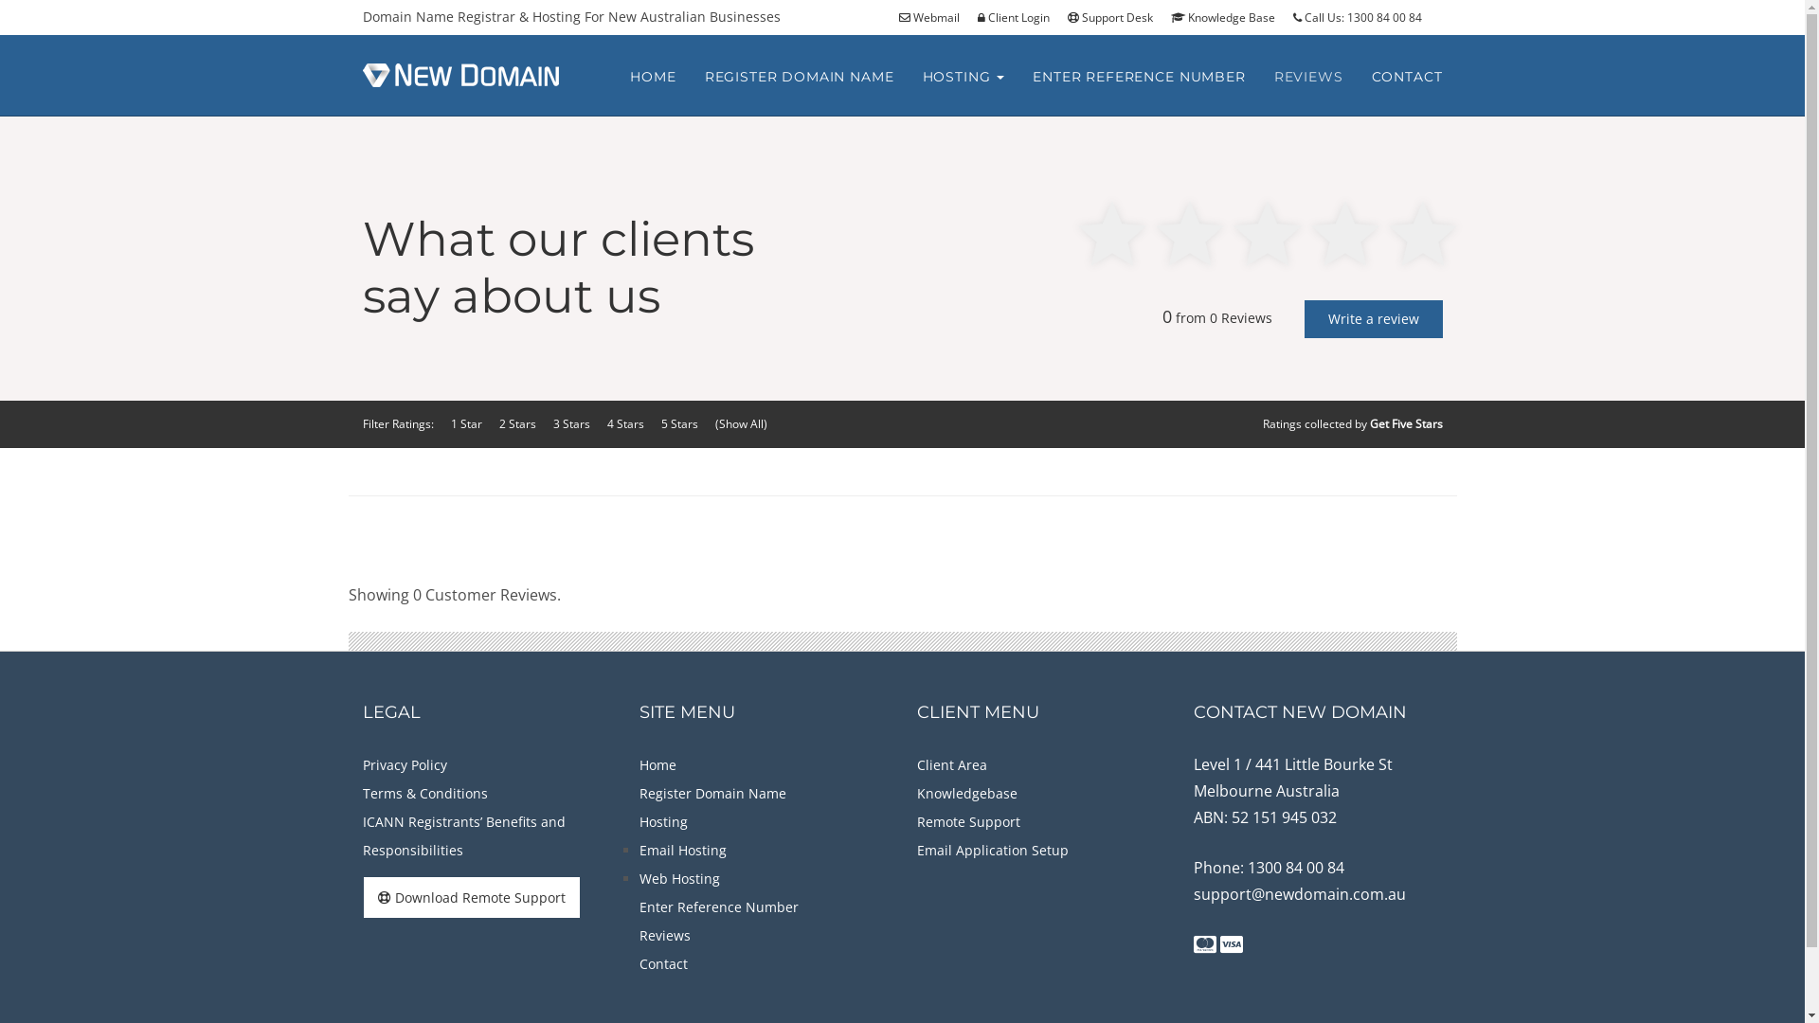 This screenshot has width=1819, height=1023. I want to click on 'Reviews', so click(664, 934).